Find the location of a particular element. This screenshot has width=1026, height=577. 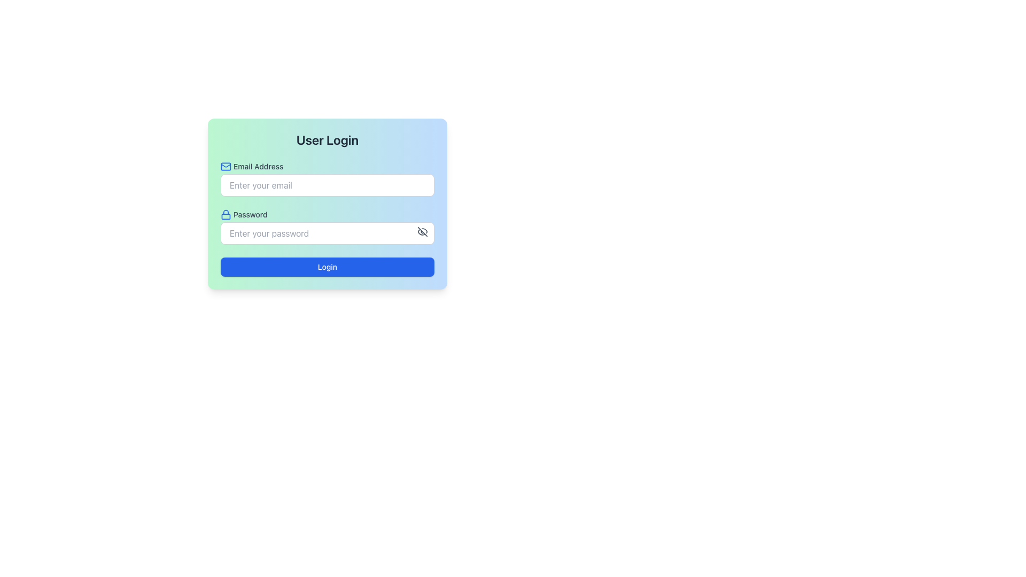

the email-related graphical icon component that signifies the email address input field is located at coordinates (225, 165).